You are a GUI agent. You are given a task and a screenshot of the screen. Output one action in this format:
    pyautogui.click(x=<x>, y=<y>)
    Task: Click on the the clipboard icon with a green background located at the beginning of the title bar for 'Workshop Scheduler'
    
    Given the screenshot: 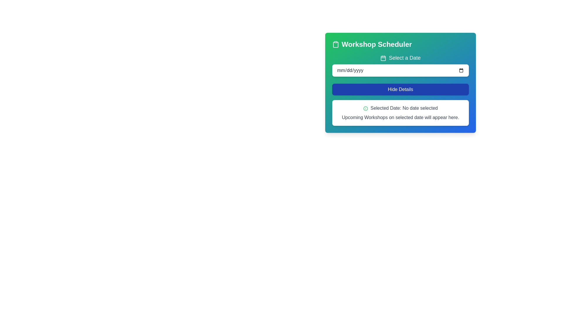 What is the action you would take?
    pyautogui.click(x=336, y=44)
    